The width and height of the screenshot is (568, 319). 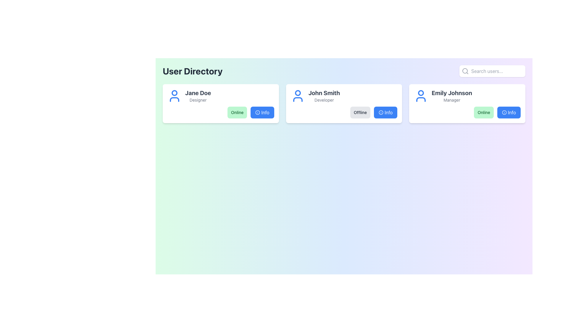 I want to click on the green button labeled 'Online', so click(x=484, y=113).